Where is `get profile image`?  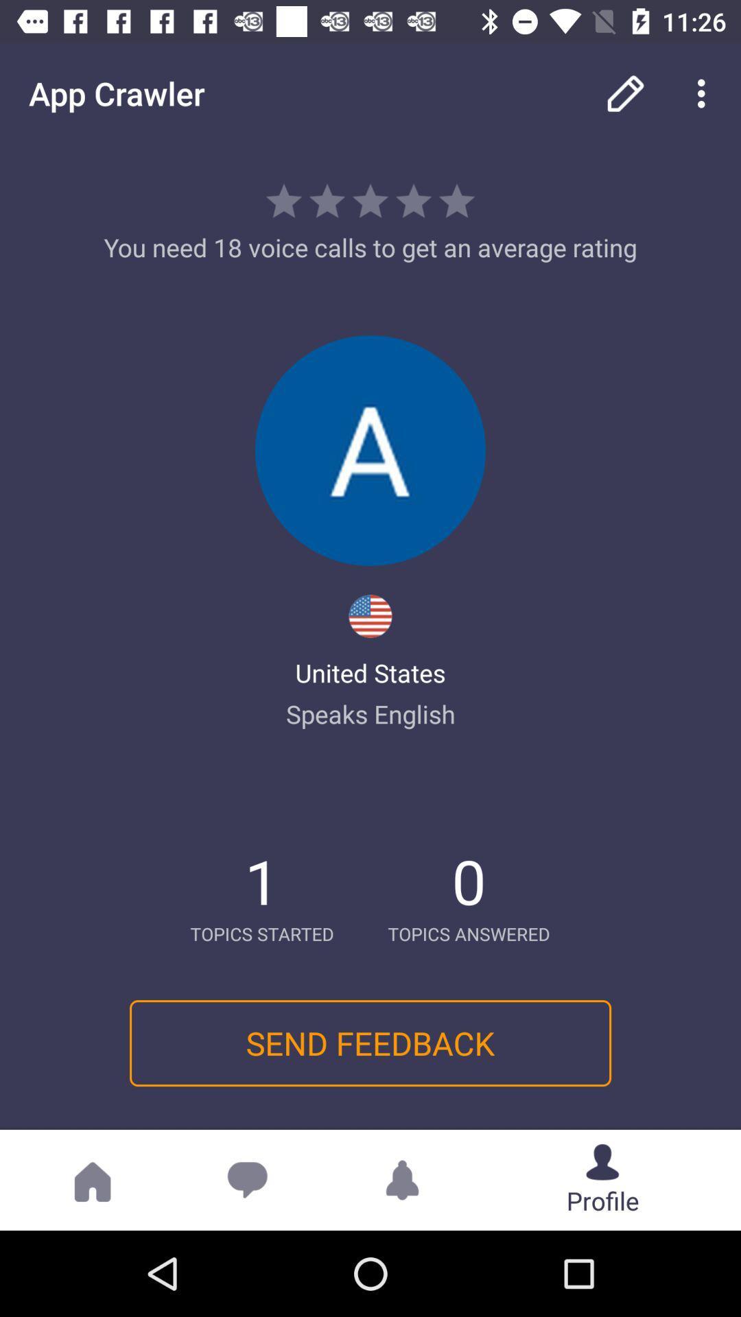 get profile image is located at coordinates (370, 451).